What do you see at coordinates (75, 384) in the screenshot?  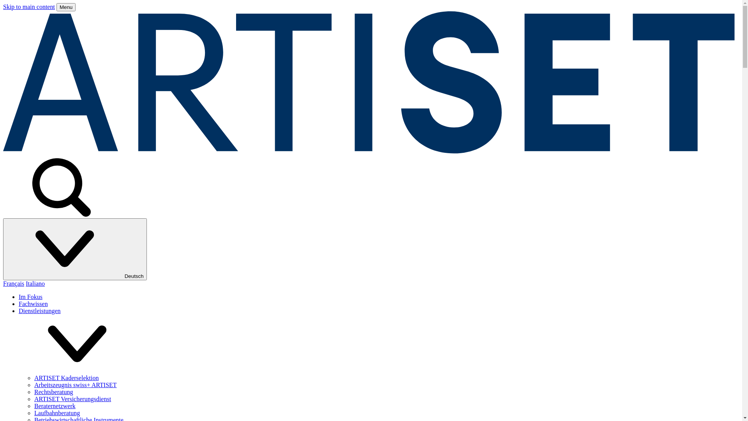 I see `'Arbeitszeugnis swiss+ ARTISET'` at bounding box center [75, 384].